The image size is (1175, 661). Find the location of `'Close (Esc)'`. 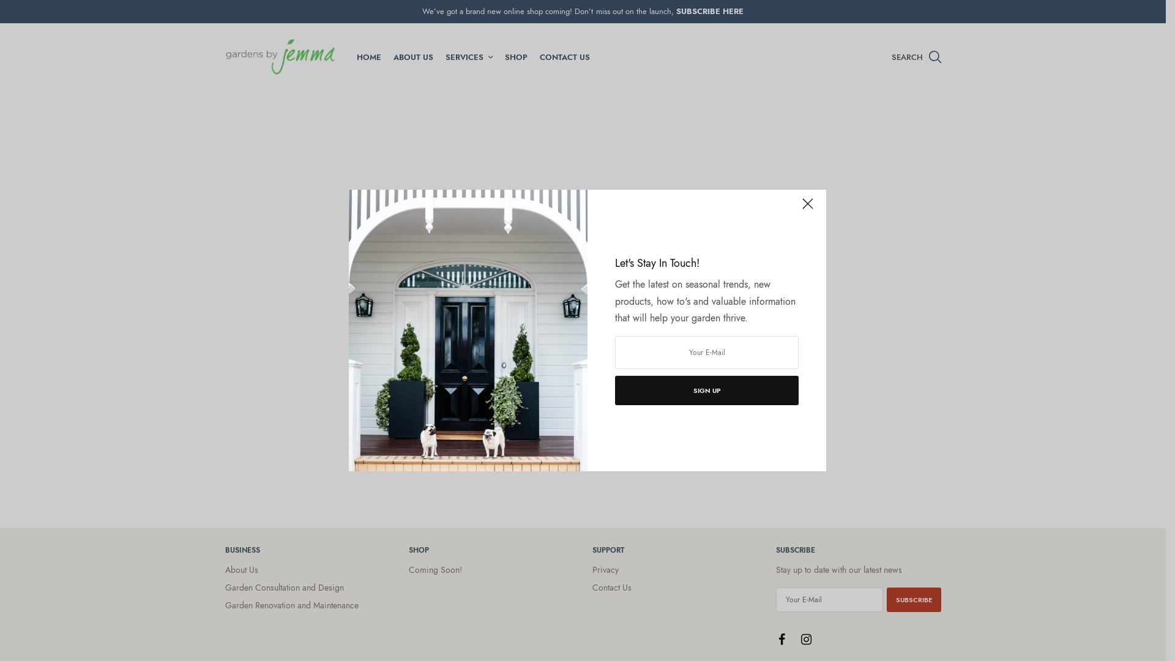

'Close (Esc)' is located at coordinates (808, 209).